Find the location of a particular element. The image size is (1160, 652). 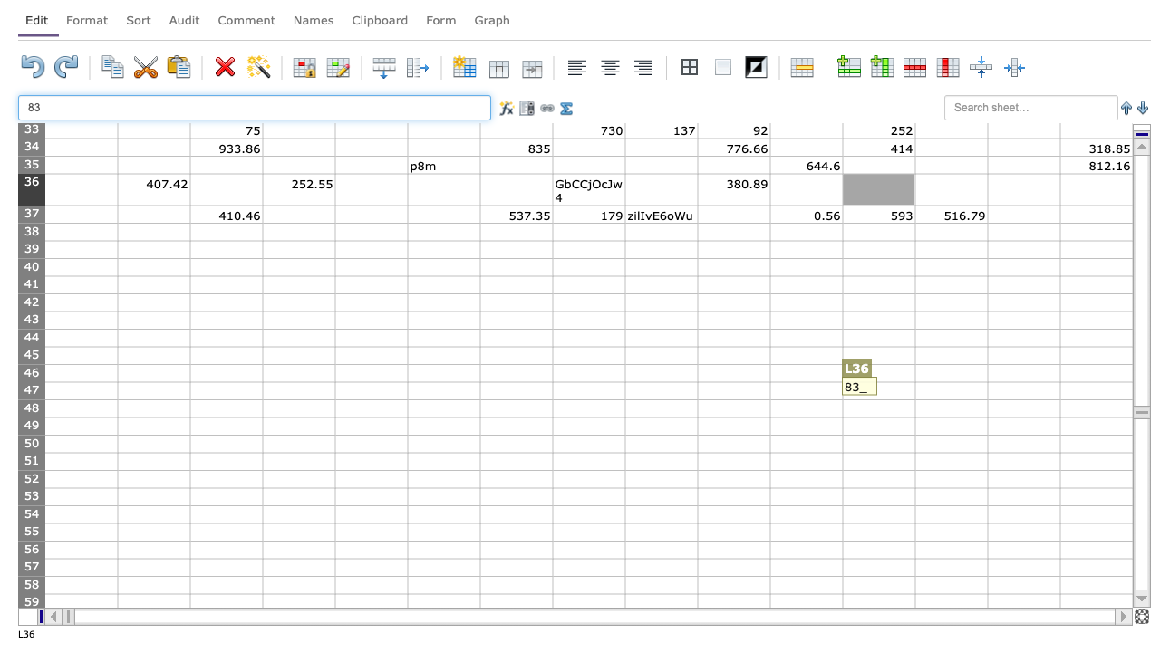

top left at column M row 58 is located at coordinates (915, 576).